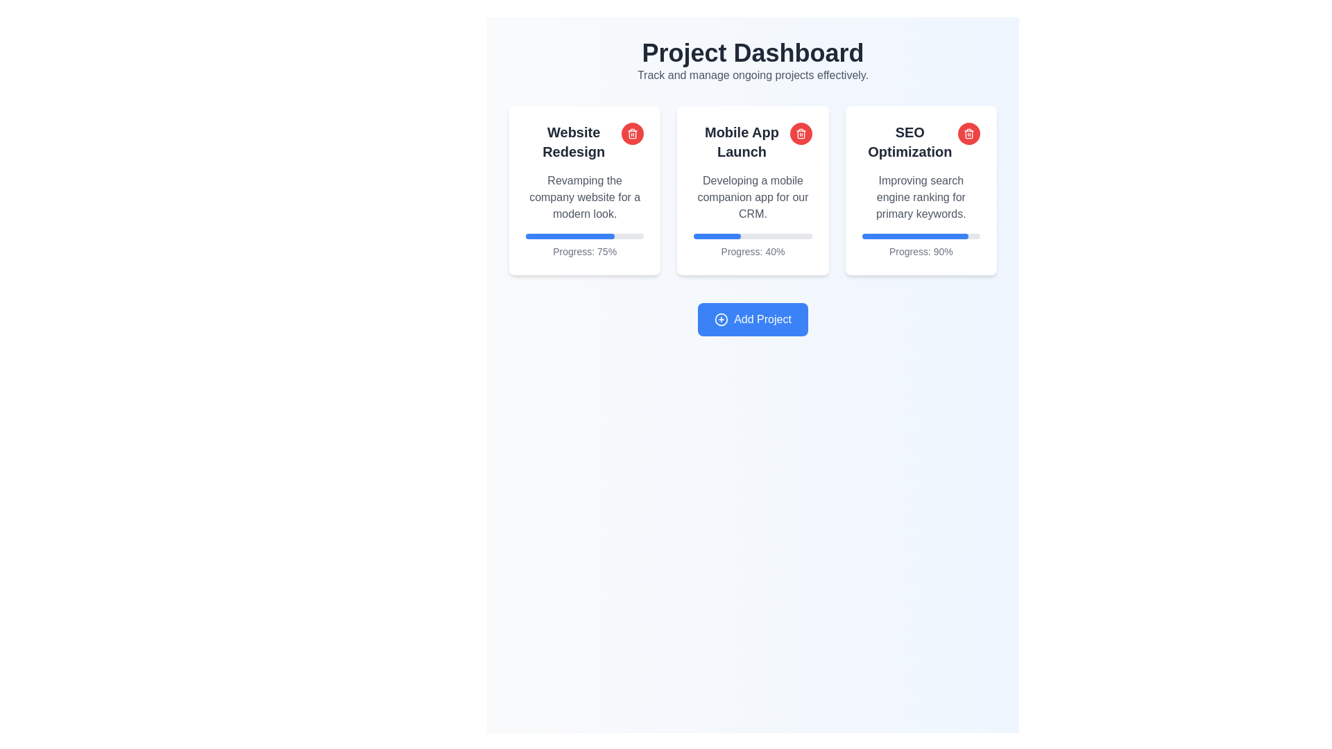 The height and width of the screenshot is (749, 1332). I want to click on the progress bar element located in the central card labeled 'Mobile App Launch', which indicates 40% progress, so click(752, 235).